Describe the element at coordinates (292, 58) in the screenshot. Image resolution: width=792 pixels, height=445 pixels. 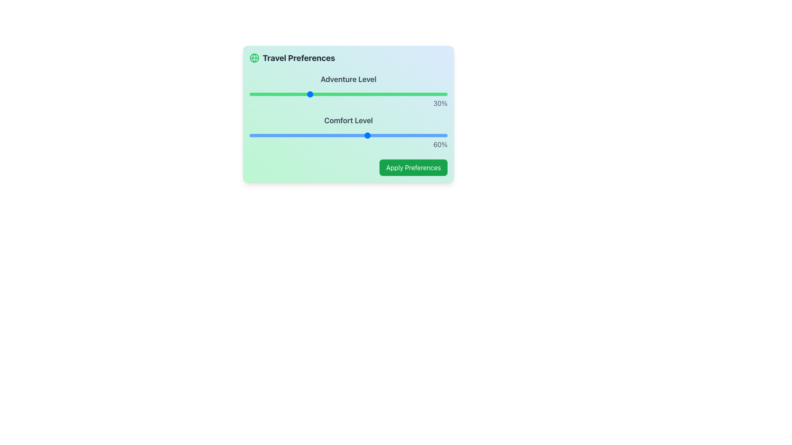
I see `the text label titled 'Travel Preferences', which indicates the section for configuring travel-related preferences, located near the upper part of the interface` at that location.